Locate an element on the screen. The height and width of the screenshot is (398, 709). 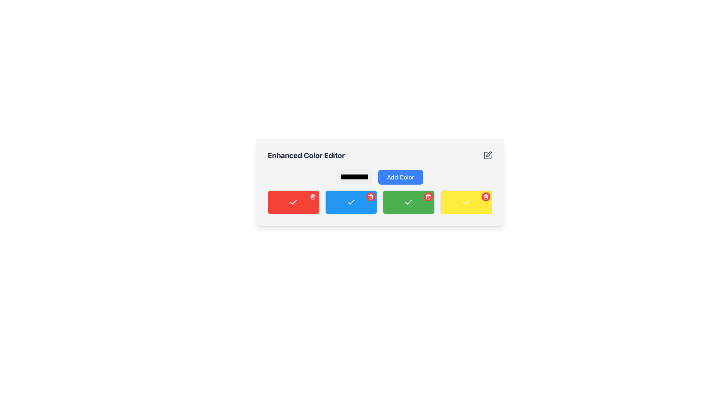
the pen icon button located at the extreme right of the 'Enhanced Color Editor' section is located at coordinates (487, 155).